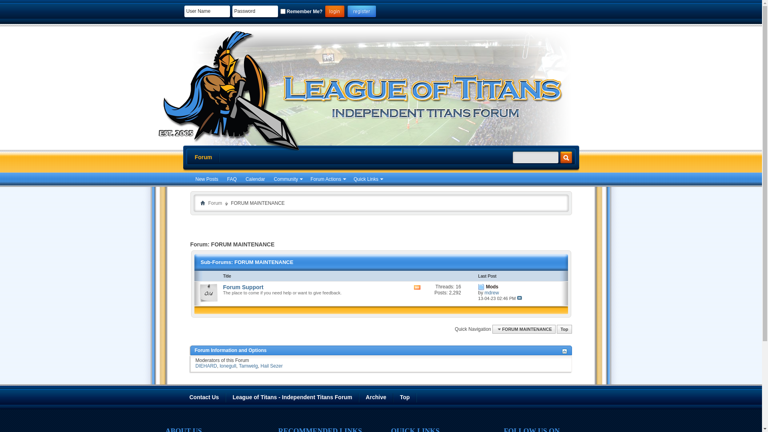 This screenshot has width=768, height=432. Describe the element at coordinates (361, 12) in the screenshot. I see `'Register'` at that location.